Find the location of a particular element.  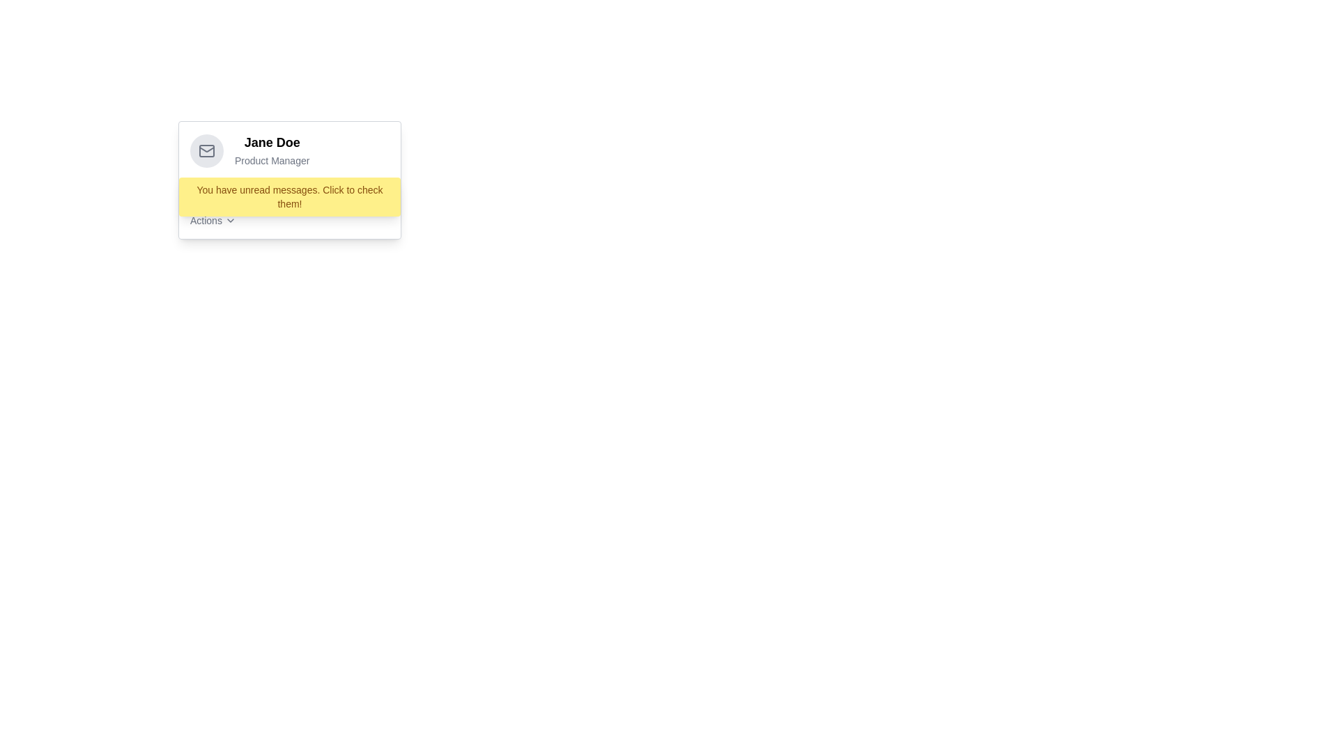

the Dropdown Menu Button labeled 'Actions' is located at coordinates (213, 219).